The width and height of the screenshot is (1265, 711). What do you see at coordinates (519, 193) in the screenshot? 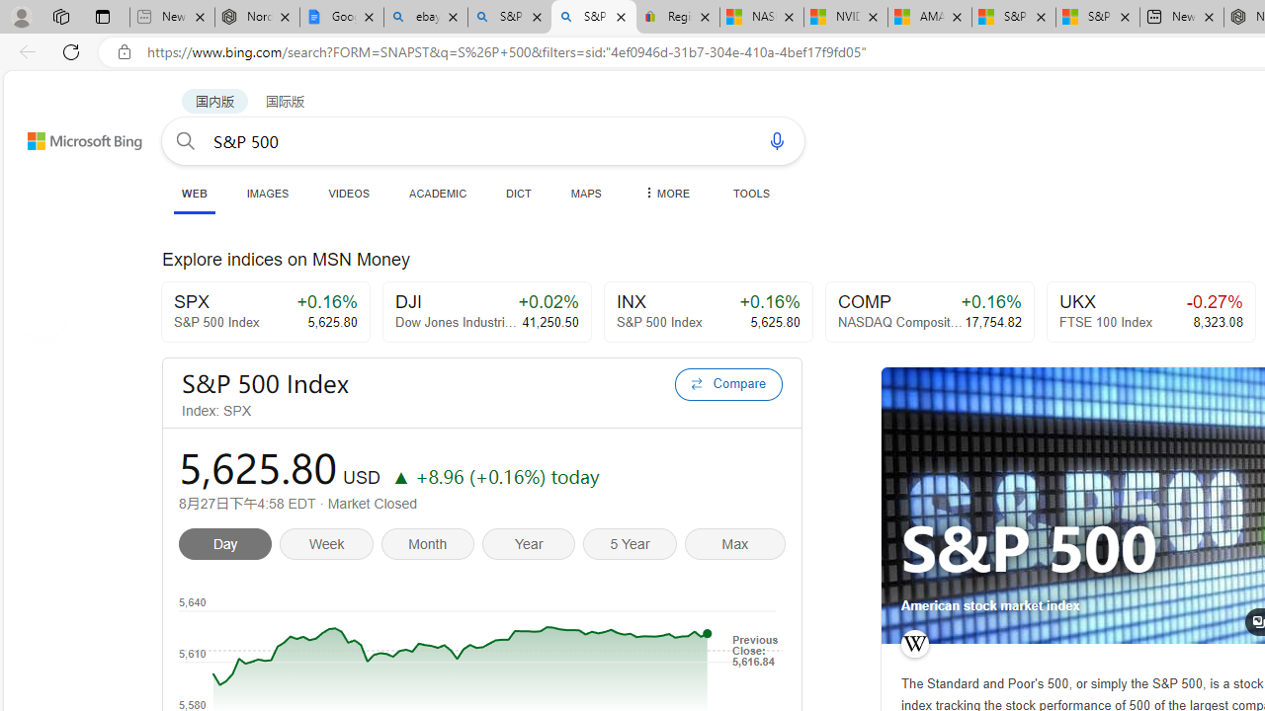
I see `'DICT'` at bounding box center [519, 193].